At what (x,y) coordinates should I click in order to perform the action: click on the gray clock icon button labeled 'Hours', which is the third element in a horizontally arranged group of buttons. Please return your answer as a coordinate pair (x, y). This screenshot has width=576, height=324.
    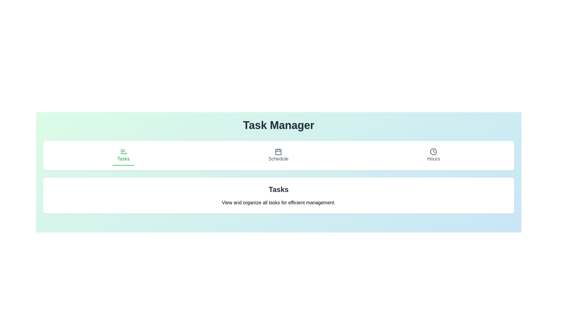
    Looking at the image, I should click on (433, 155).